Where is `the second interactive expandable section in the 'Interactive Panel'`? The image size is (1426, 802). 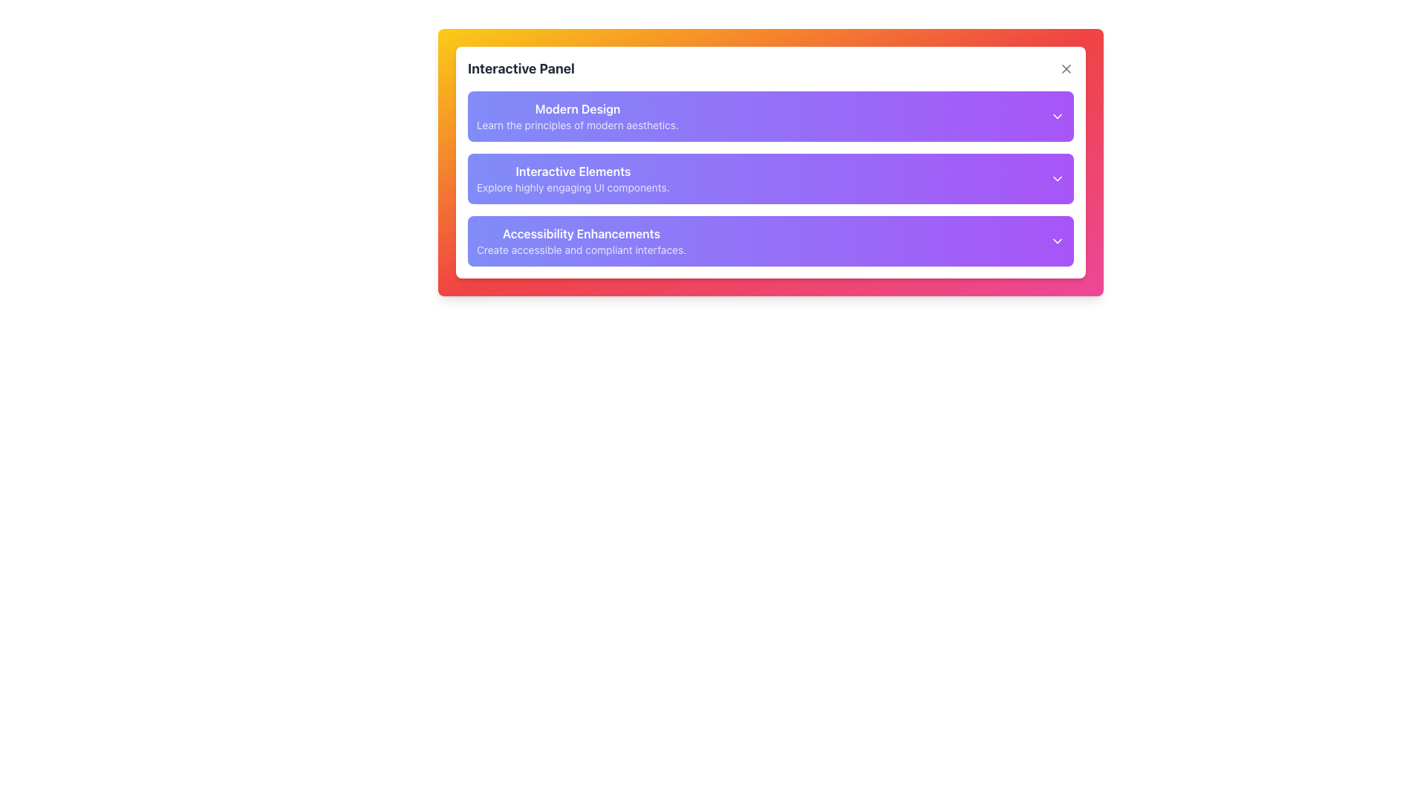 the second interactive expandable section in the 'Interactive Panel' is located at coordinates (770, 177).